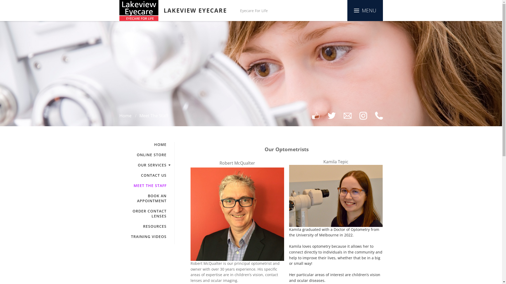 The image size is (506, 284). I want to click on 'RESOURCES', so click(143, 226).